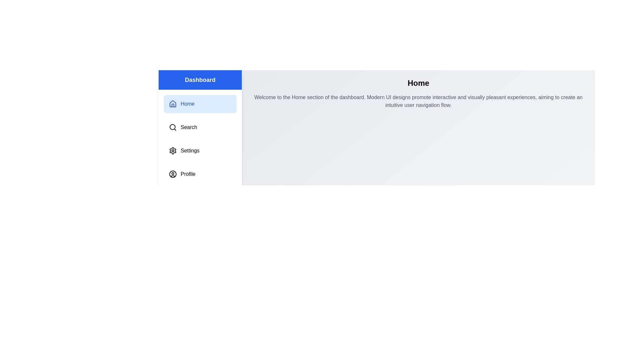 This screenshot has height=351, width=624. Describe the element at coordinates (200, 127) in the screenshot. I see `the menu item labeled Search` at that location.